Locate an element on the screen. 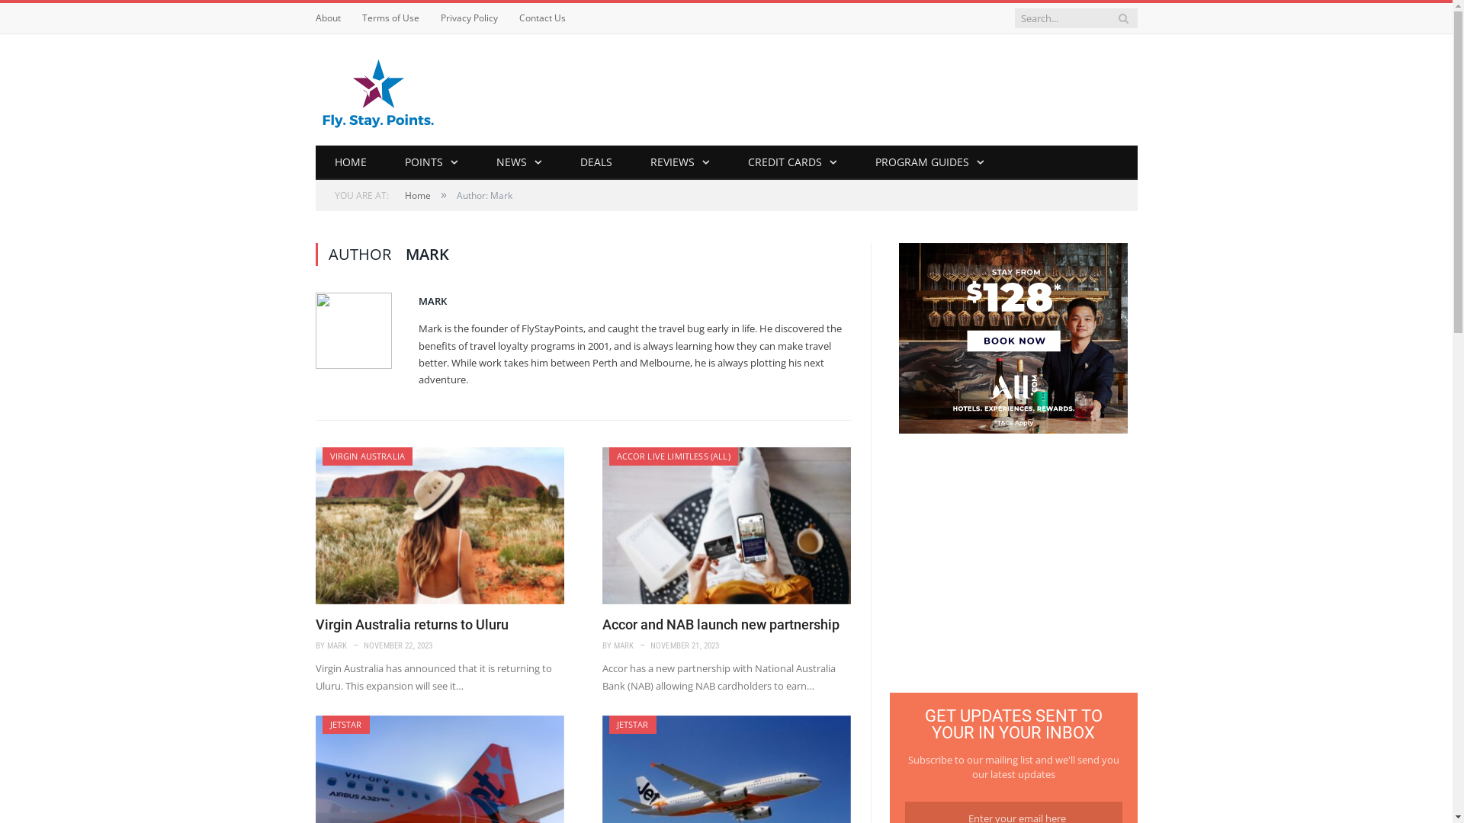 The image size is (1464, 823). 'DEALS' is located at coordinates (596, 162).